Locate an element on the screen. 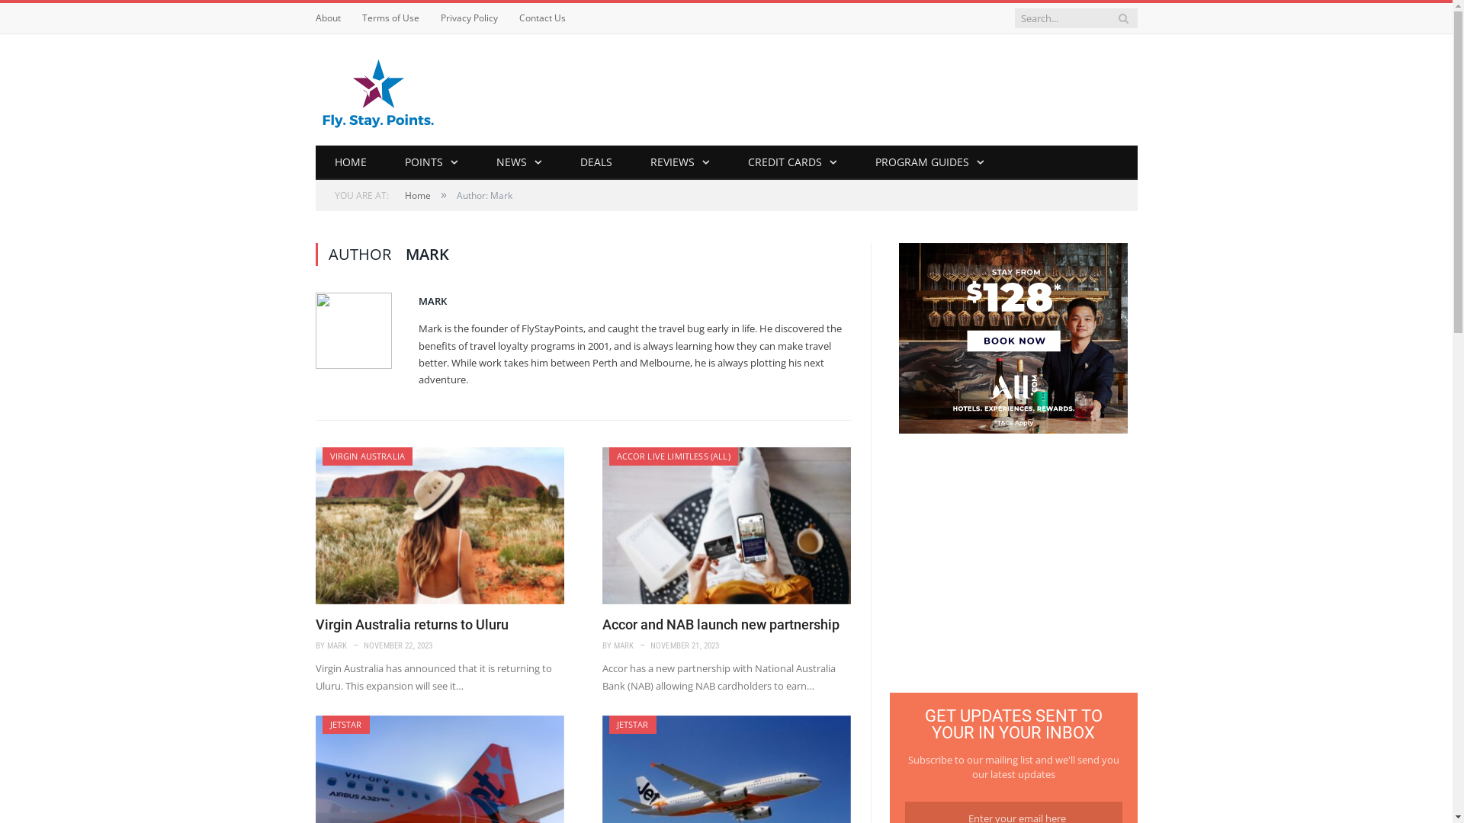 The image size is (1464, 823). 'DEALS' is located at coordinates (596, 162).